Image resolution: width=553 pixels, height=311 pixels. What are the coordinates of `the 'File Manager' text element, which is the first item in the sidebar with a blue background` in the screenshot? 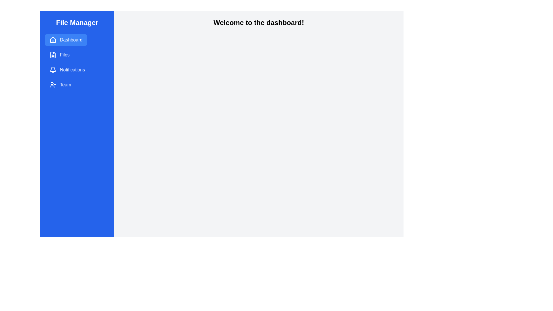 It's located at (77, 22).